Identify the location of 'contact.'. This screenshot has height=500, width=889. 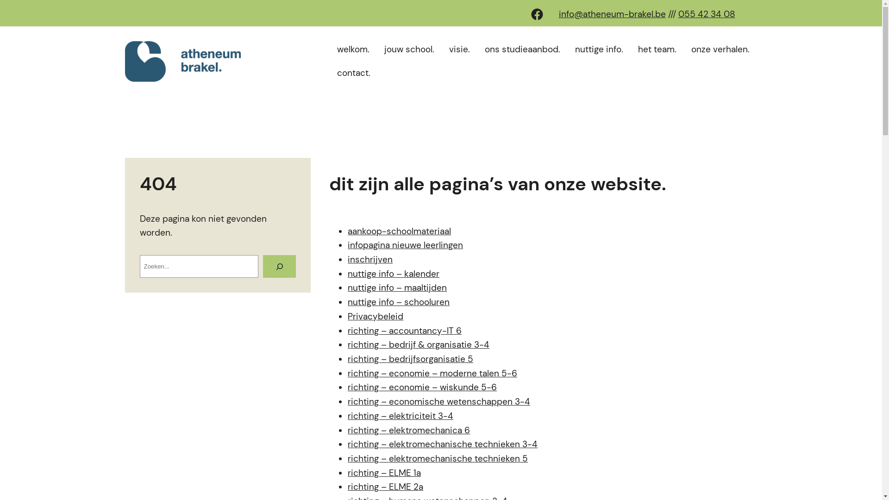
(353, 73).